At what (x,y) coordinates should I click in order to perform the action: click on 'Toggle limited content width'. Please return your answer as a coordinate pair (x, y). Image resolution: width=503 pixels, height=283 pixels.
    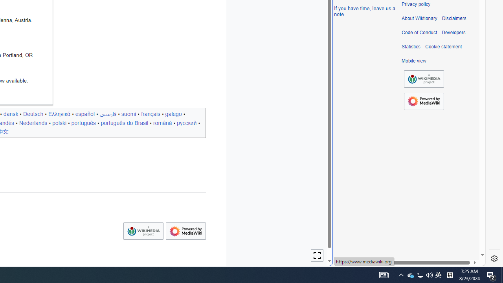
    Looking at the image, I should click on (317, 255).